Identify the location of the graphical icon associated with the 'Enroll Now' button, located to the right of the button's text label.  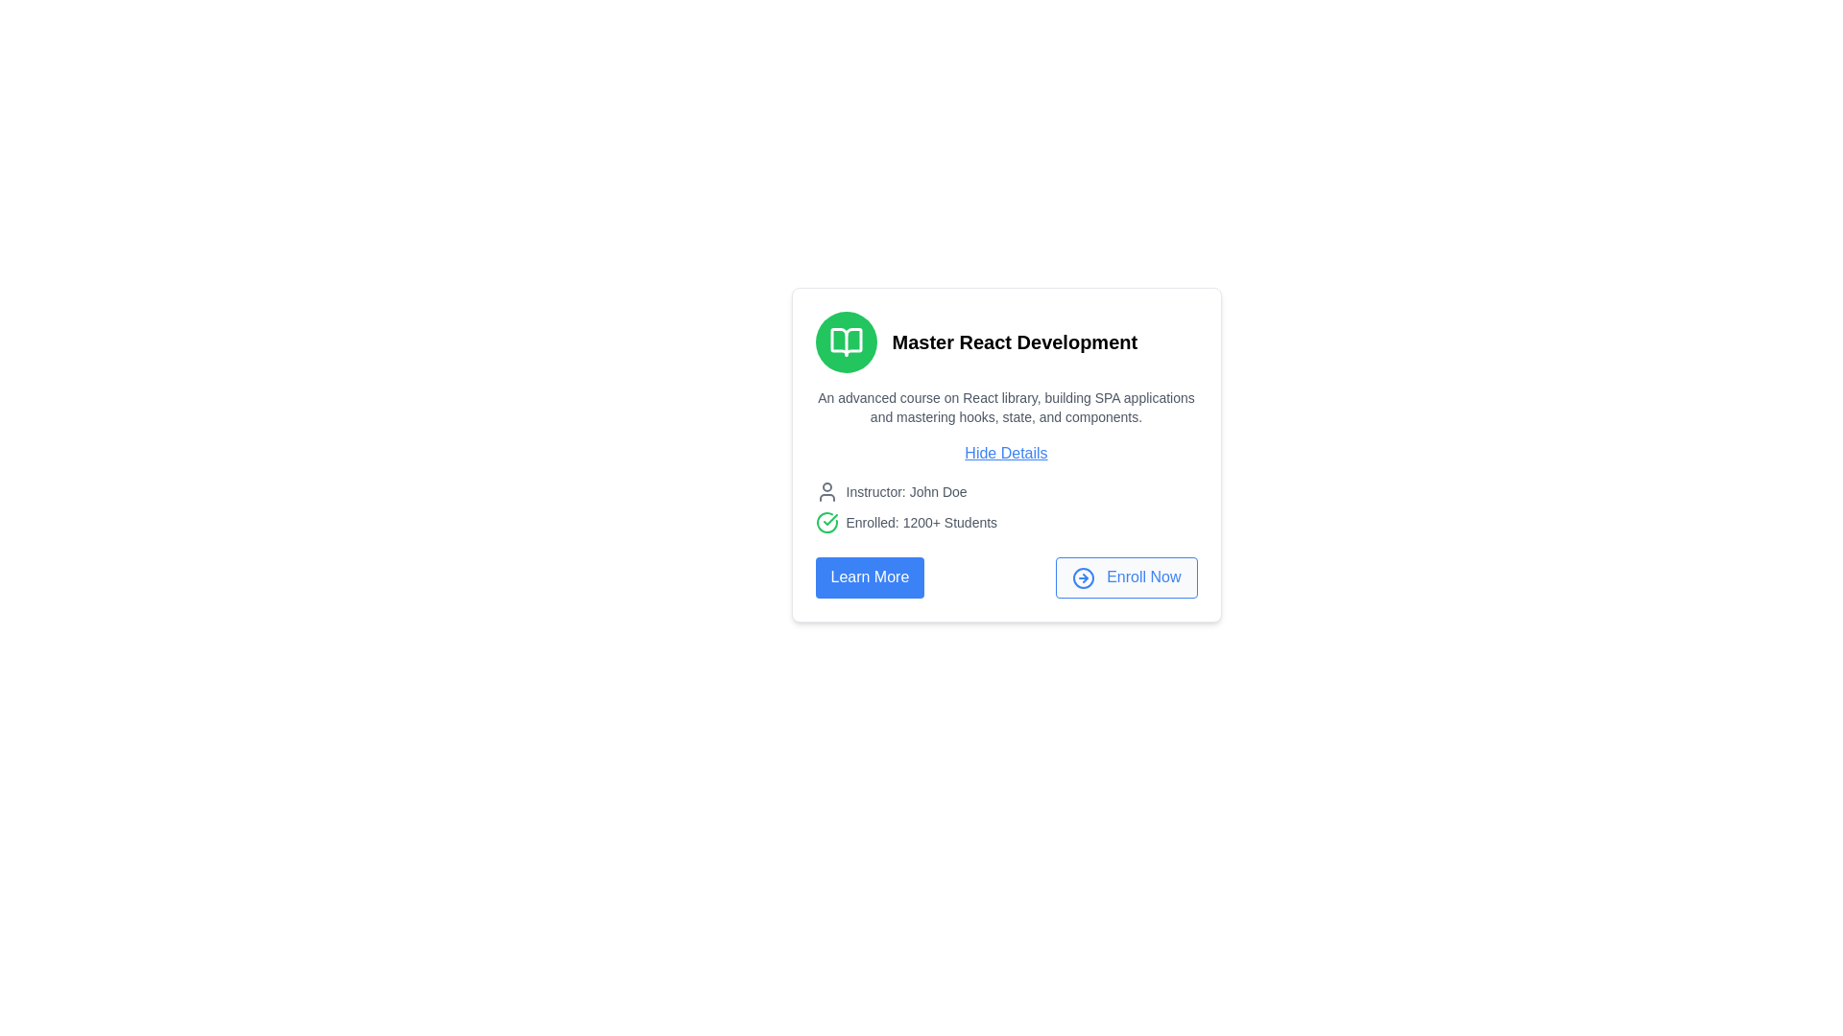
(1083, 577).